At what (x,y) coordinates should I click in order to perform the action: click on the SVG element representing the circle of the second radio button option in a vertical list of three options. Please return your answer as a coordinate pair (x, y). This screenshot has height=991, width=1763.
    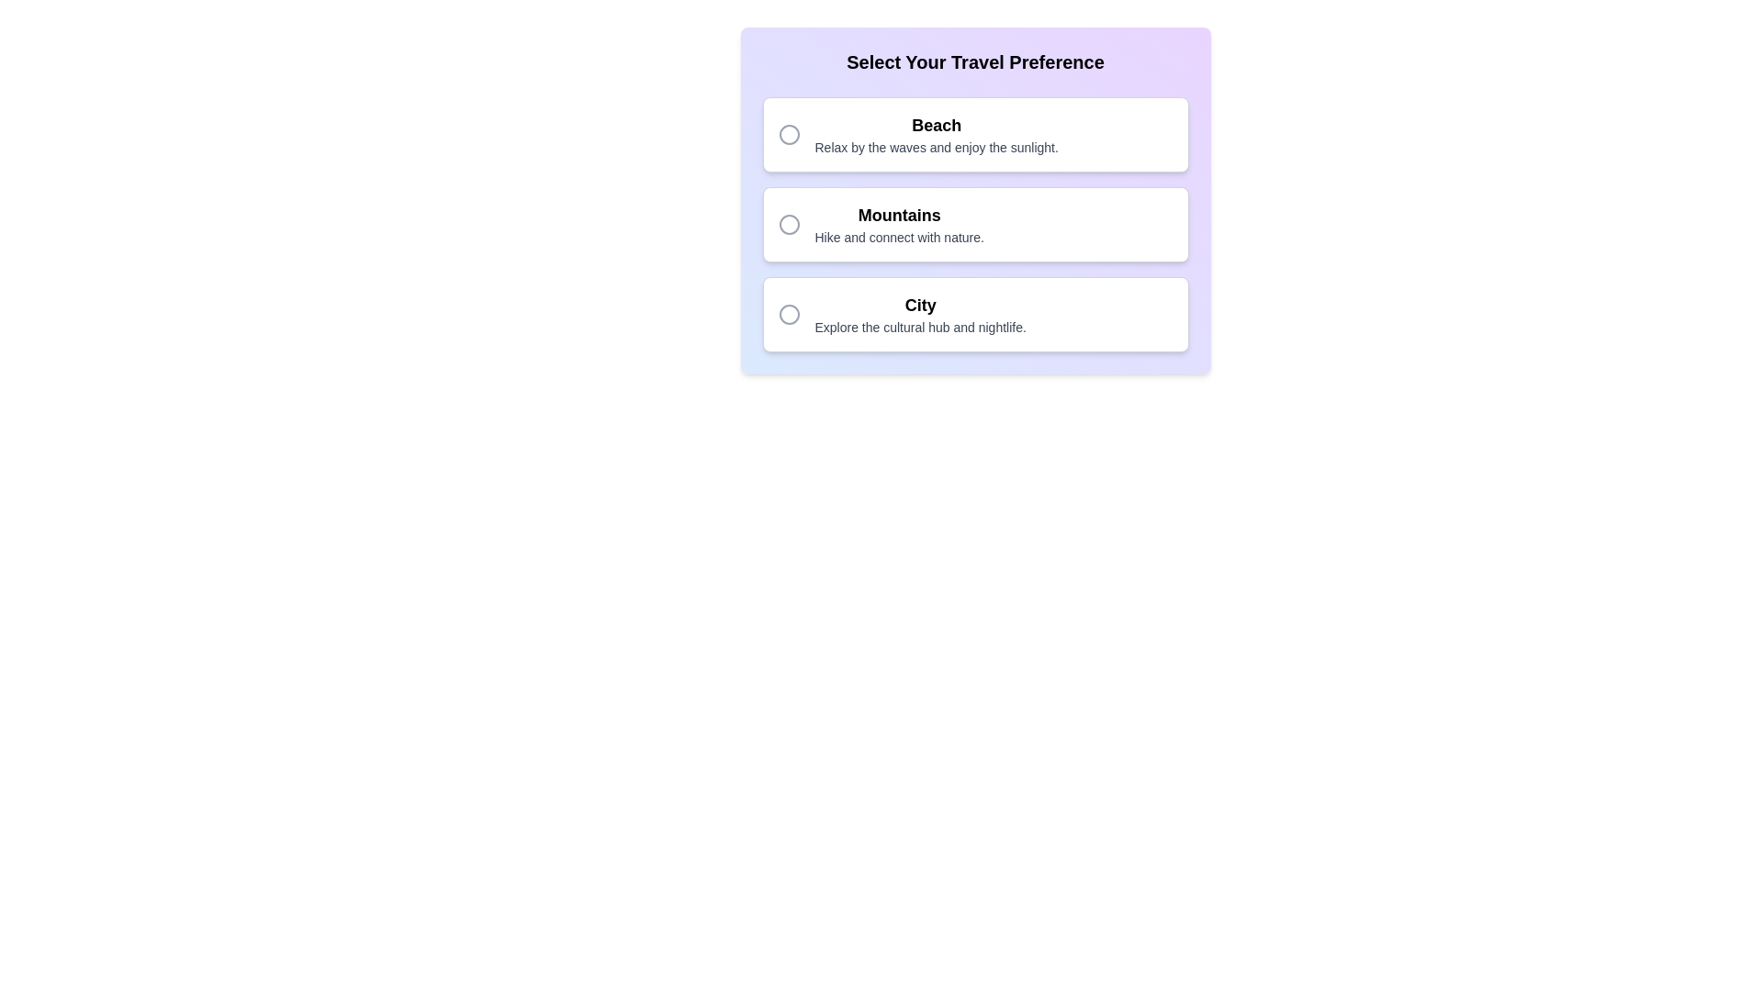
    Looking at the image, I should click on (789, 224).